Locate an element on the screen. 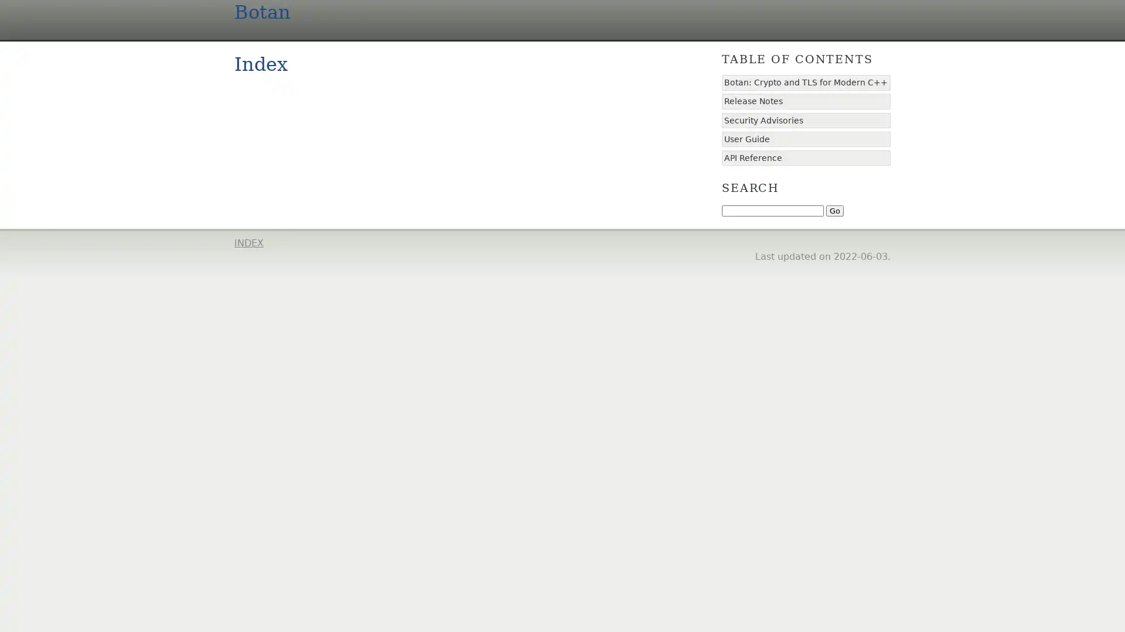  Go is located at coordinates (834, 209).